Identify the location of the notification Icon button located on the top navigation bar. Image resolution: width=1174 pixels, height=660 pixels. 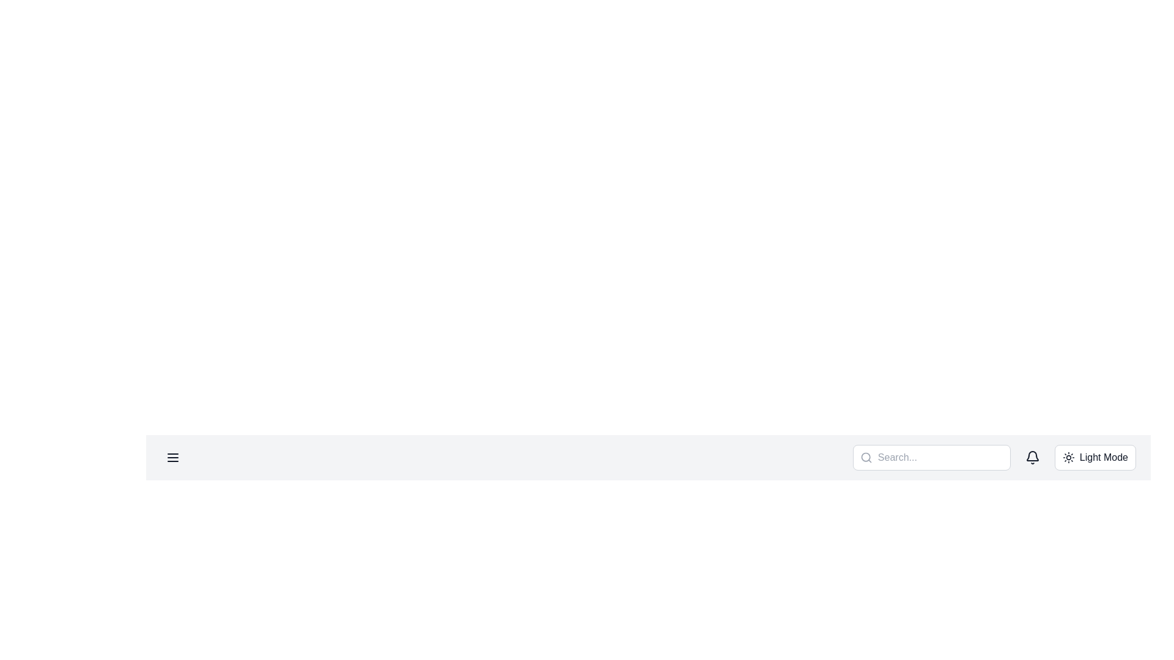
(1032, 457).